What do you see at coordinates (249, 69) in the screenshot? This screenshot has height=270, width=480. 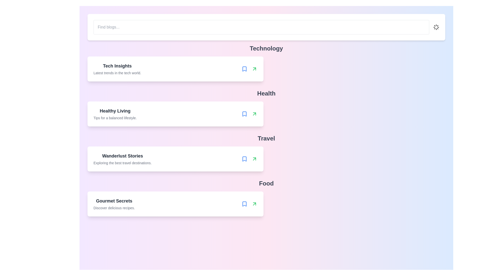 I see `the bookmark icon within the Custom grouping multiple interactive icons in the Tech Insights card under the Technology section` at bounding box center [249, 69].